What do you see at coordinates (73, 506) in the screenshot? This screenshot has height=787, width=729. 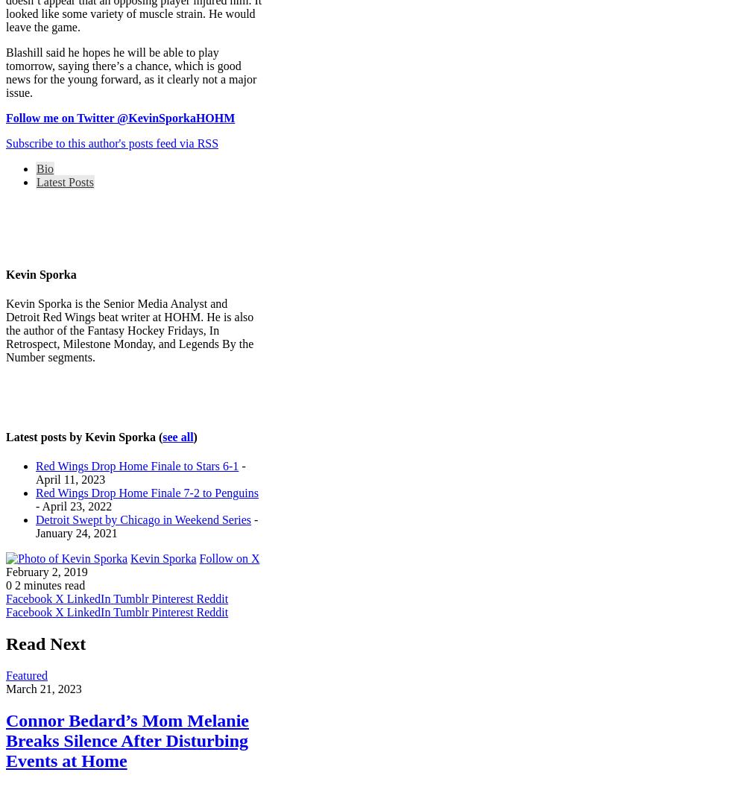 I see `'- April 23, 2022'` at bounding box center [73, 506].